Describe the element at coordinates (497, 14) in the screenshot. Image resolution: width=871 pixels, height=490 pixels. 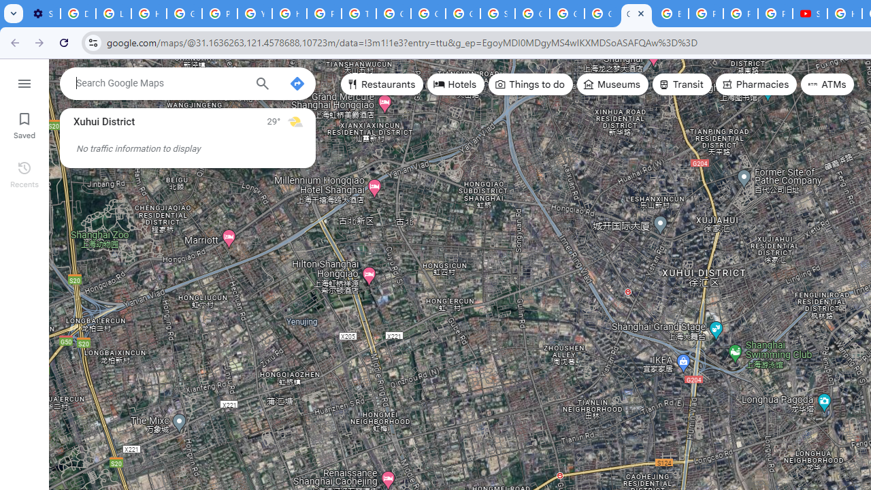
I see `'Sign in - Google Accounts'` at that location.